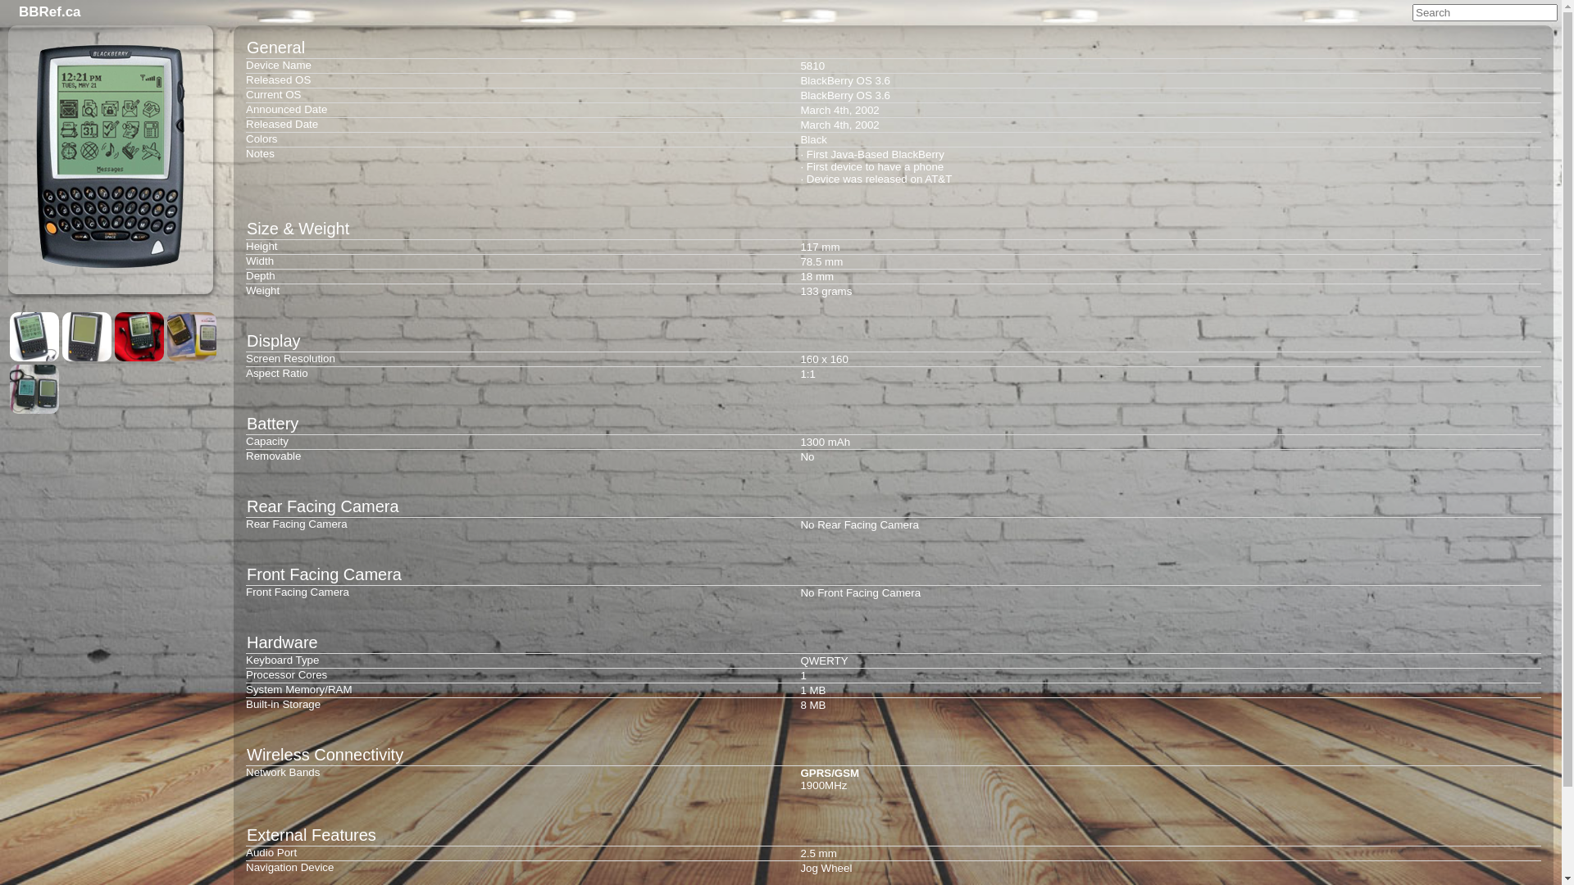 This screenshot has height=885, width=1574. I want to click on '03', so click(139, 336).